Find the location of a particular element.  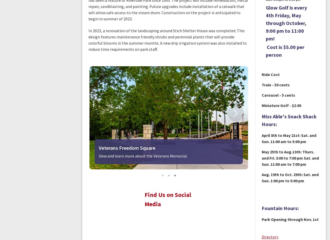

'Miniature Golf - $2.00' is located at coordinates (281, 105).